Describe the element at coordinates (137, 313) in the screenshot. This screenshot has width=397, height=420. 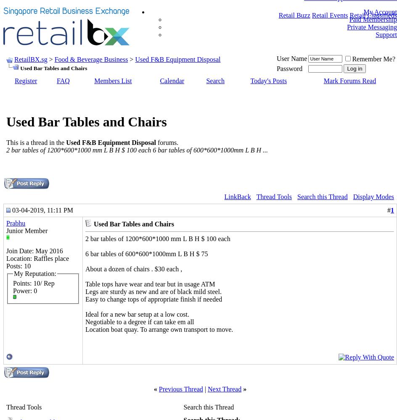
I see `'Ideal for a new bar setup at a low cost.'` at that location.